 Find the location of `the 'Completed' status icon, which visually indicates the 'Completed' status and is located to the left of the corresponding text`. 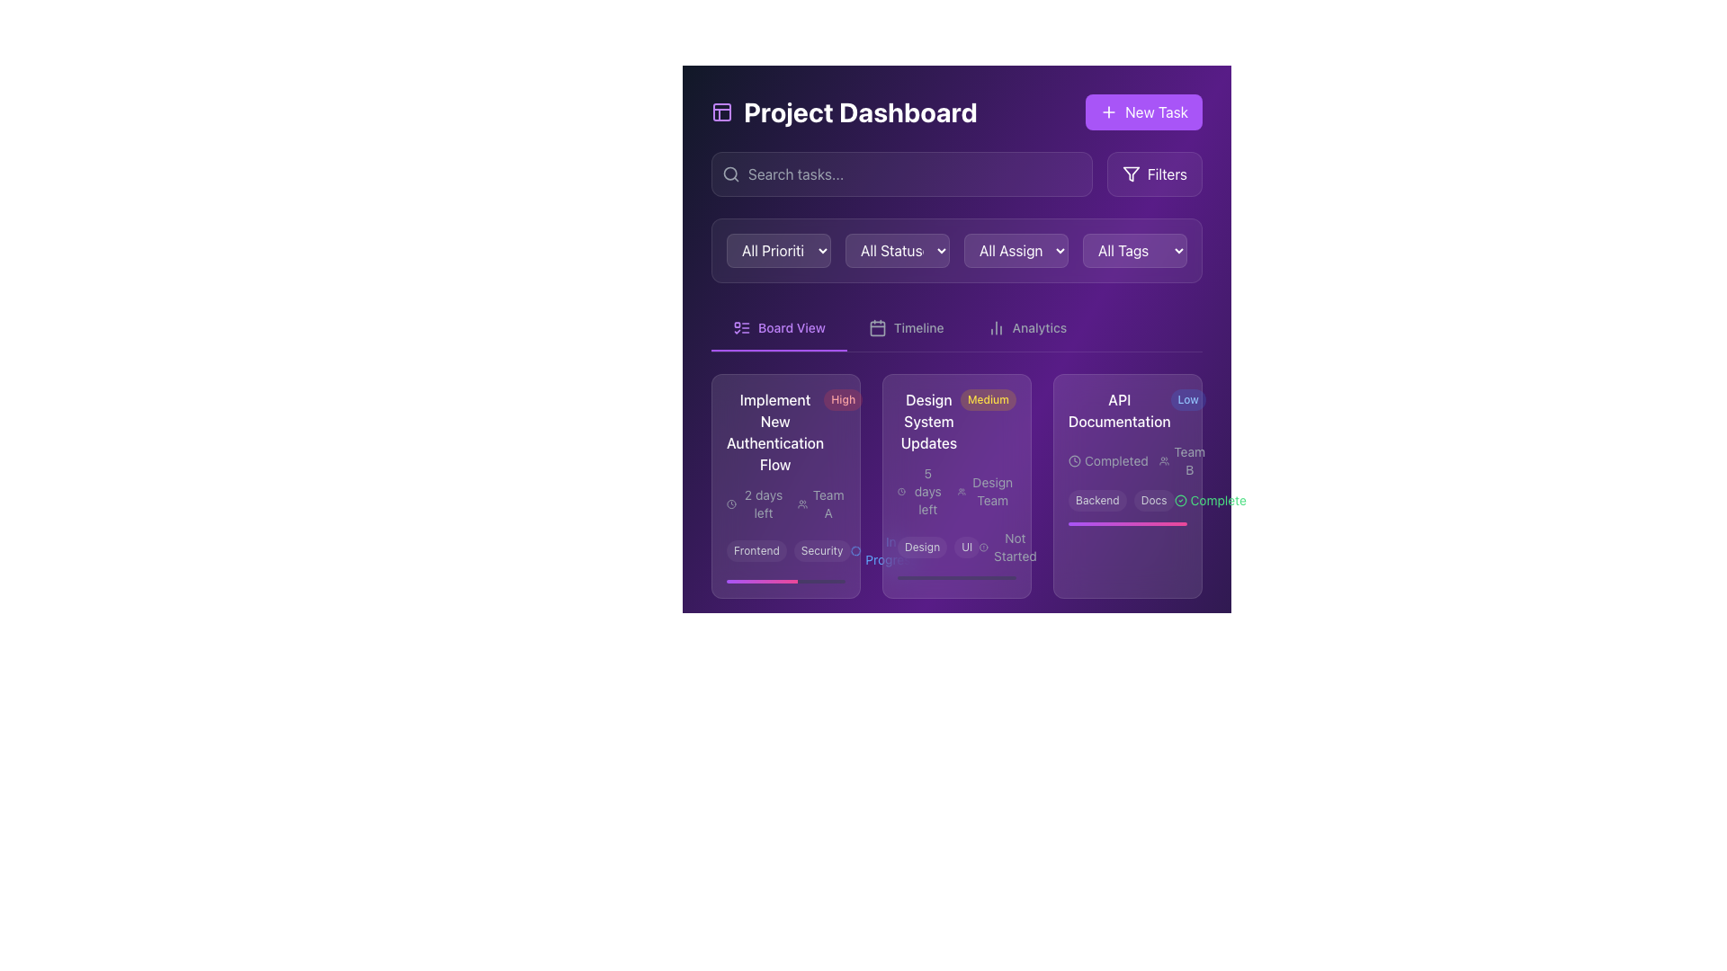

the 'Completed' status icon, which visually indicates the 'Completed' status and is located to the left of the corresponding text is located at coordinates (1075, 460).